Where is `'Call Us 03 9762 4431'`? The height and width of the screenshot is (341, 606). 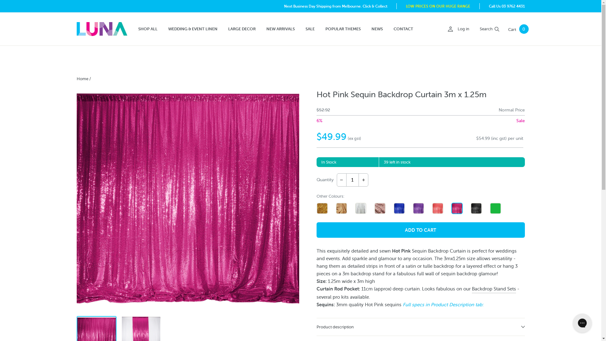
'Call Us 03 9762 4431' is located at coordinates (488, 6).